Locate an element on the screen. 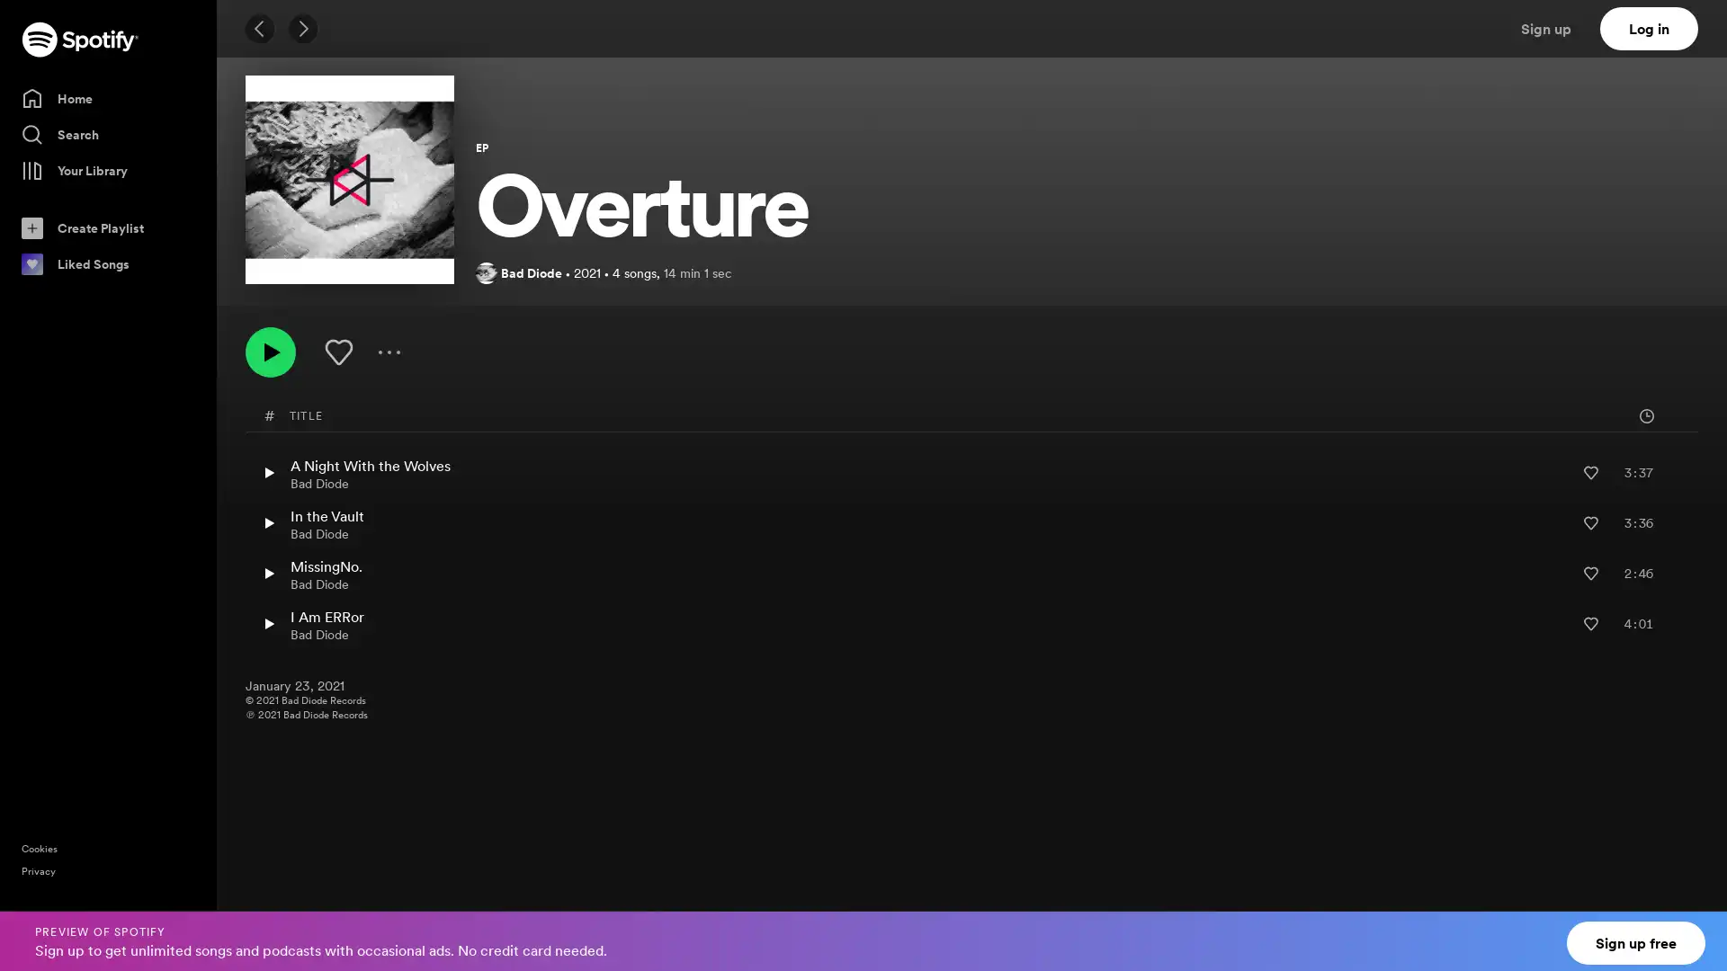 The height and width of the screenshot is (971, 1727). Close is located at coordinates (1696, 930).